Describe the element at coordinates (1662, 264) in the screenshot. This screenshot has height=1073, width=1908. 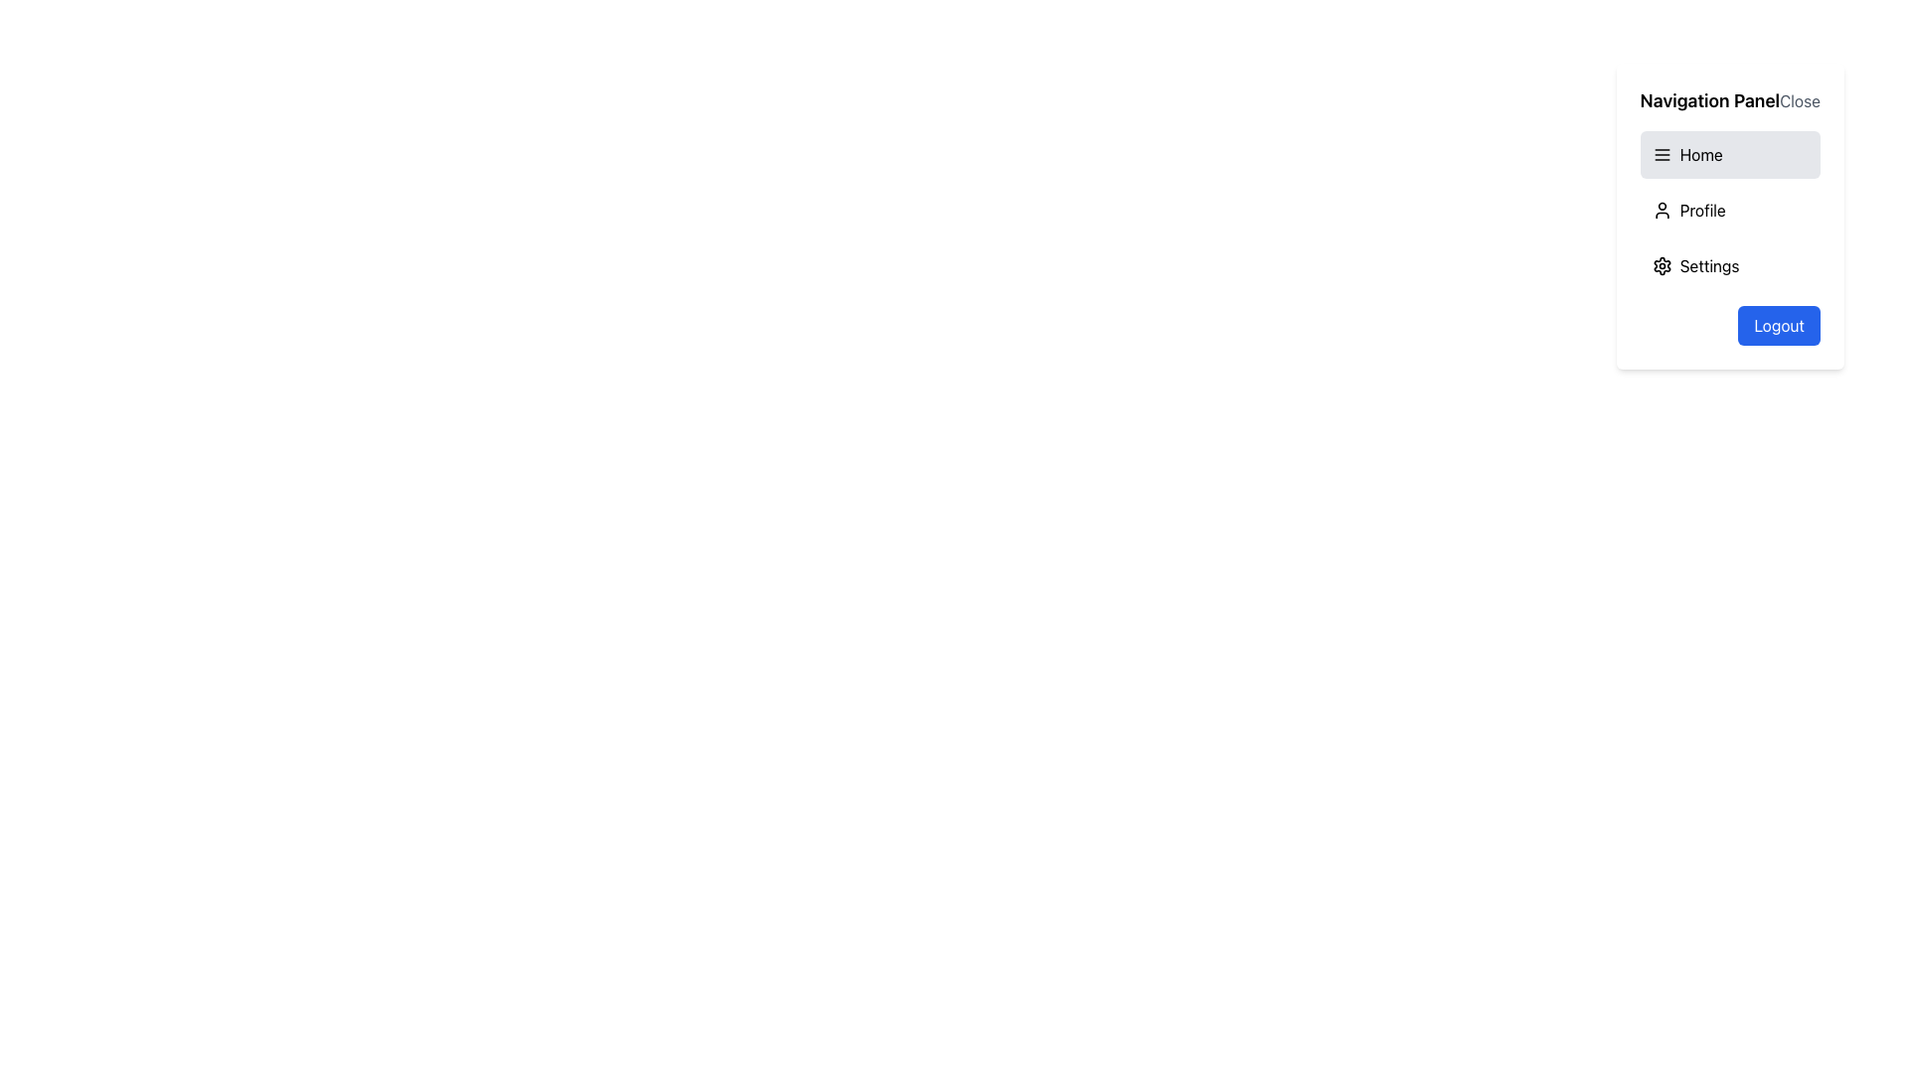
I see `the gear icon located in the navigation panel, which is positioned to the left of the 'Settings' text` at that location.